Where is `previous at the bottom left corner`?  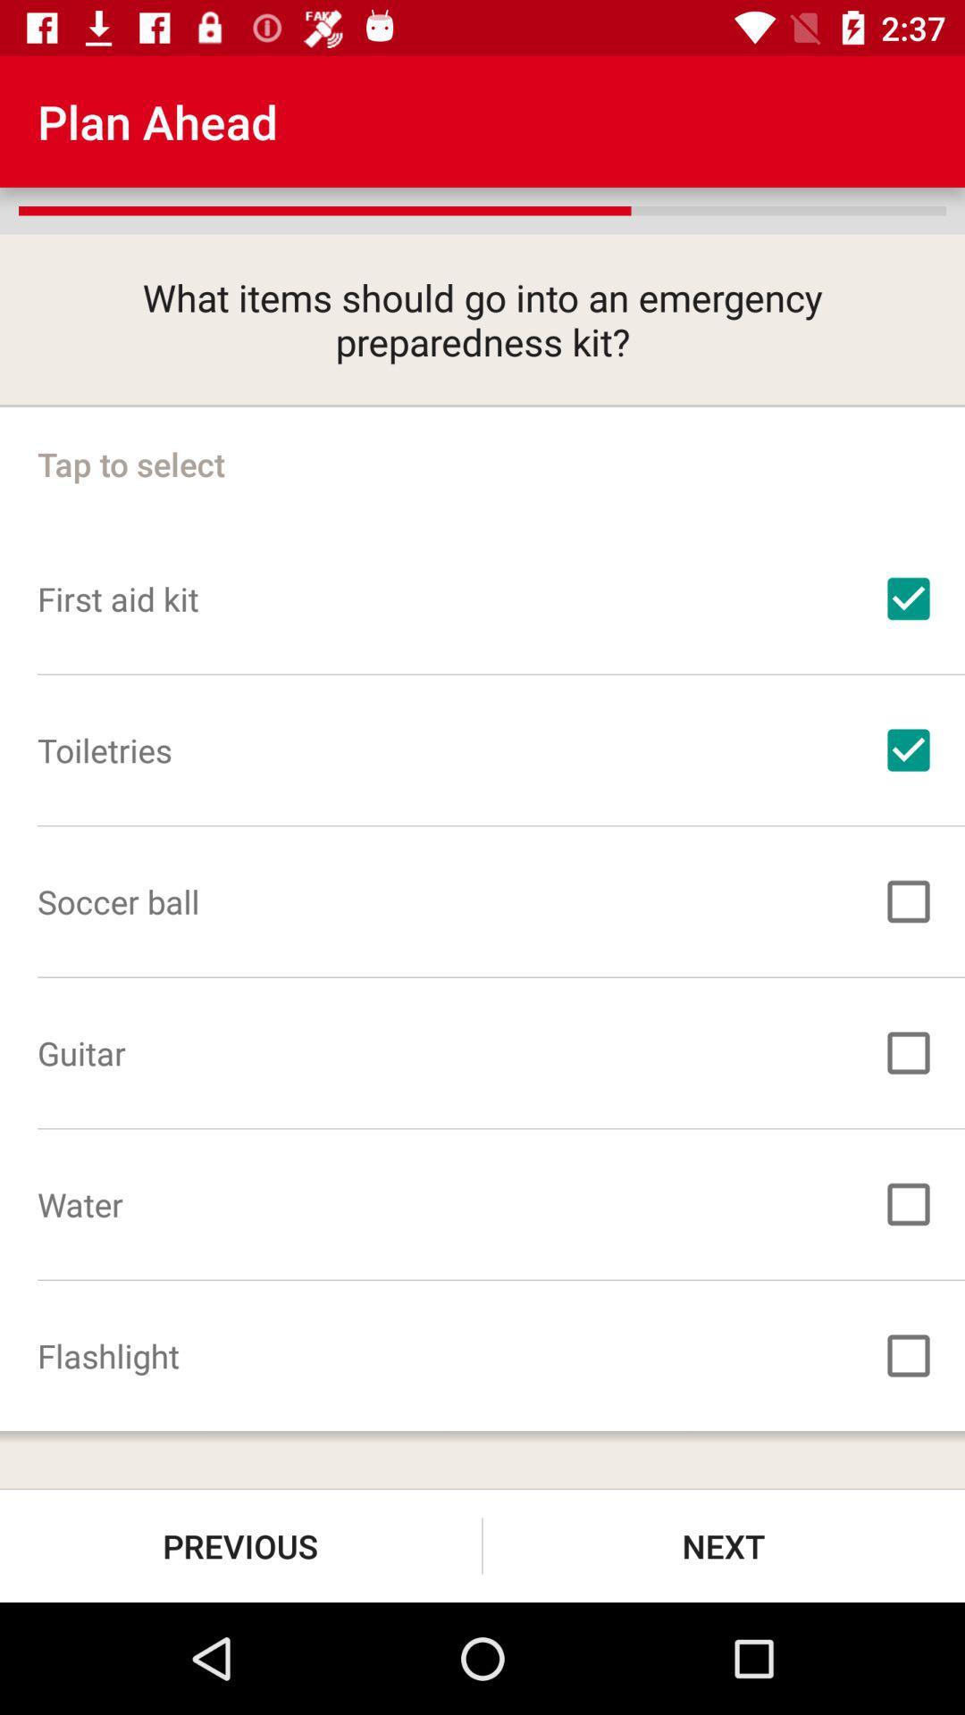 previous at the bottom left corner is located at coordinates (239, 1545).